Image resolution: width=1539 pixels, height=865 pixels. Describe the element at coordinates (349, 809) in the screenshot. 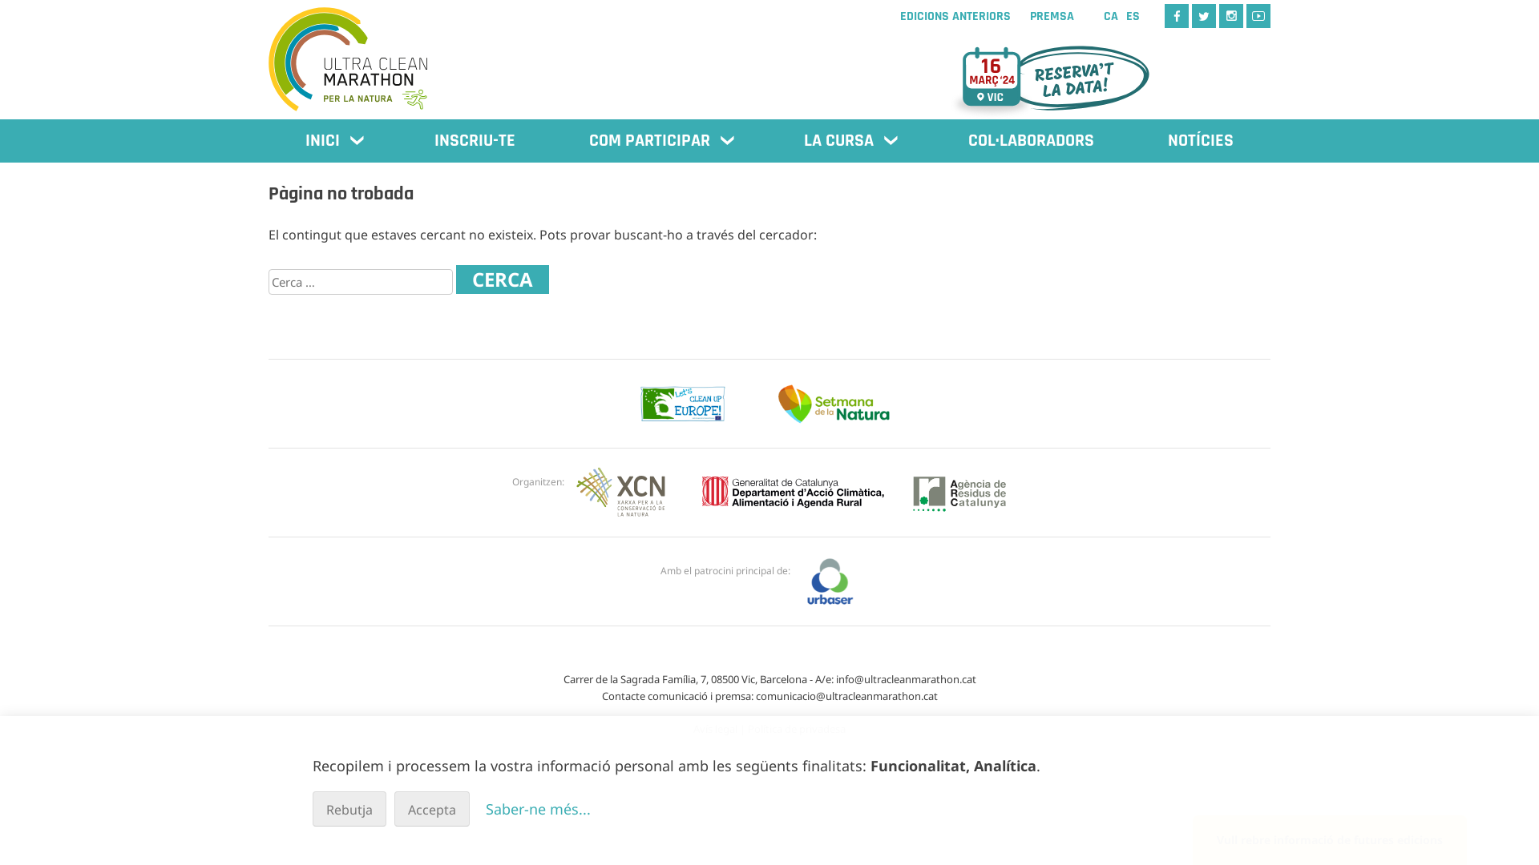

I see `'Rebutja'` at that location.